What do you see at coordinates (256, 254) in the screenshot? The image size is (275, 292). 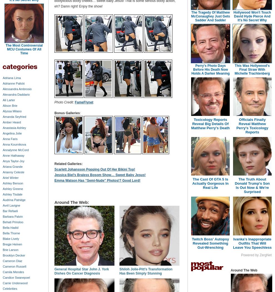 I see `'Powered by ZergNet'` at bounding box center [256, 254].